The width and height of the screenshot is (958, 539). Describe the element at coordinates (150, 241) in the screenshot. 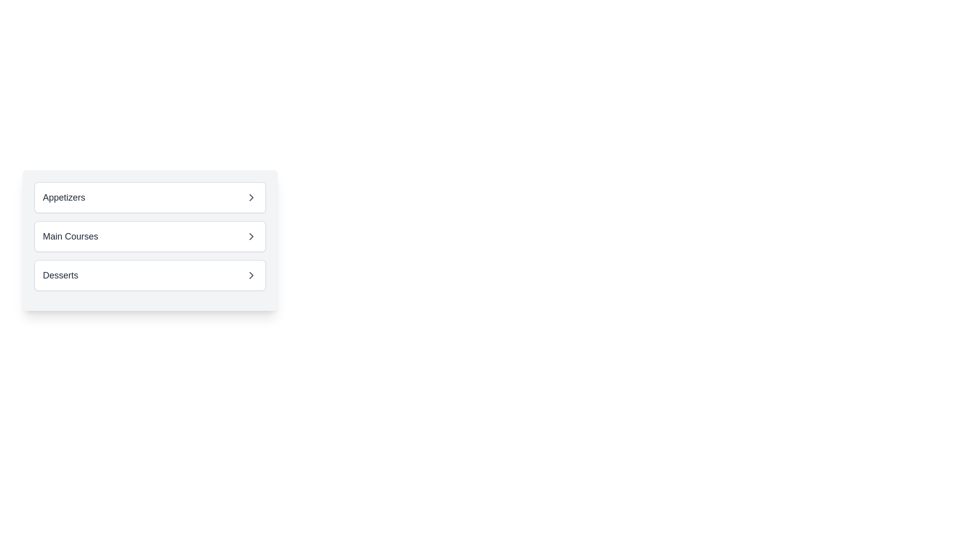

I see `the 'Main Courses' menu item, which is the second item in a vertical stack of three menu items` at that location.